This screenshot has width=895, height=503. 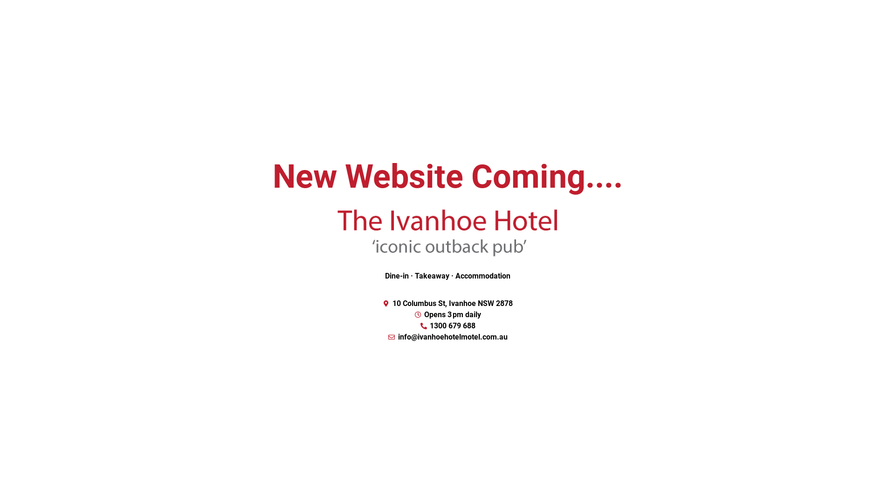 I want to click on 'info@ivanhoehotelmotel.com.au', so click(x=447, y=337).